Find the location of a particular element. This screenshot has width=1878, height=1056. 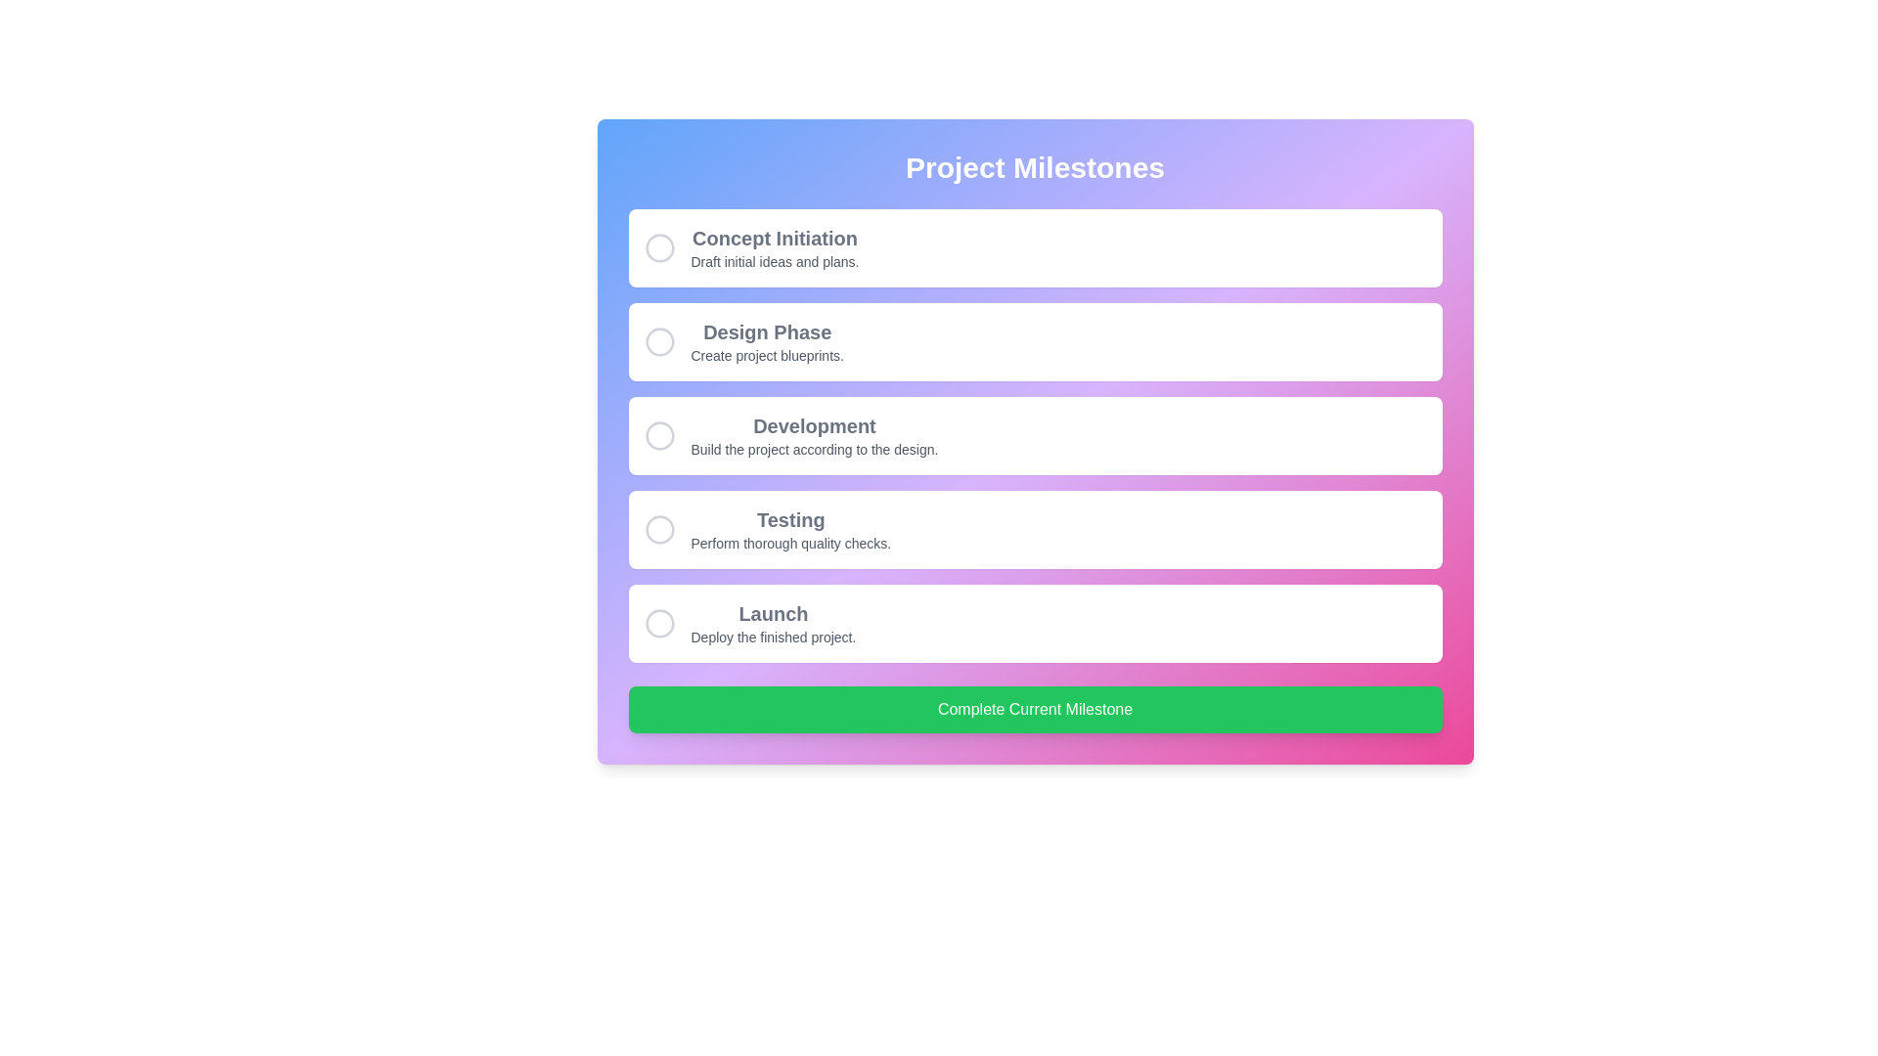

text of the List Item with Text labeled 'Development' which is the third milestone under 'Project Milestones' is located at coordinates (814, 435).